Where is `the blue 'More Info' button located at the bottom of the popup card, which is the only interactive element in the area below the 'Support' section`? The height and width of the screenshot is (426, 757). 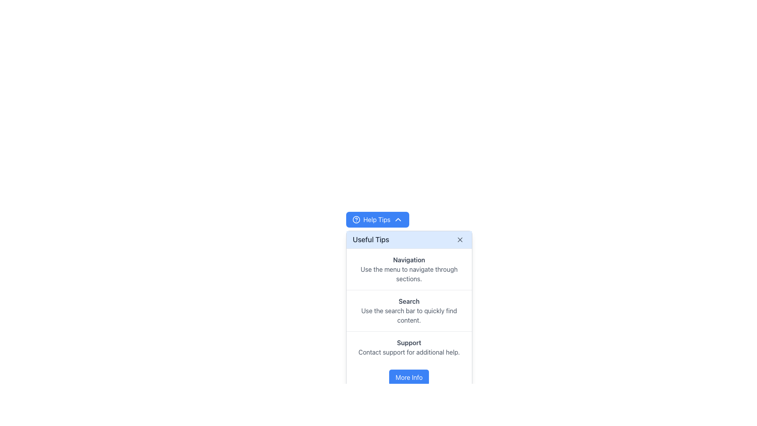 the blue 'More Info' button located at the bottom of the popup card, which is the only interactive element in the area below the 'Support' section is located at coordinates (408, 377).